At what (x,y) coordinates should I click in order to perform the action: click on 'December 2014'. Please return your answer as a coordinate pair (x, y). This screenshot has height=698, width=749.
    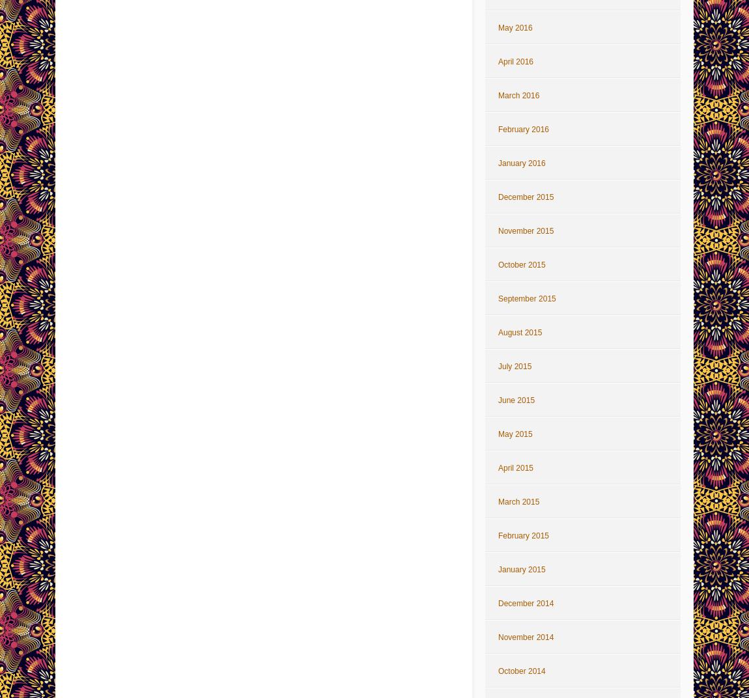
    Looking at the image, I should click on (525, 603).